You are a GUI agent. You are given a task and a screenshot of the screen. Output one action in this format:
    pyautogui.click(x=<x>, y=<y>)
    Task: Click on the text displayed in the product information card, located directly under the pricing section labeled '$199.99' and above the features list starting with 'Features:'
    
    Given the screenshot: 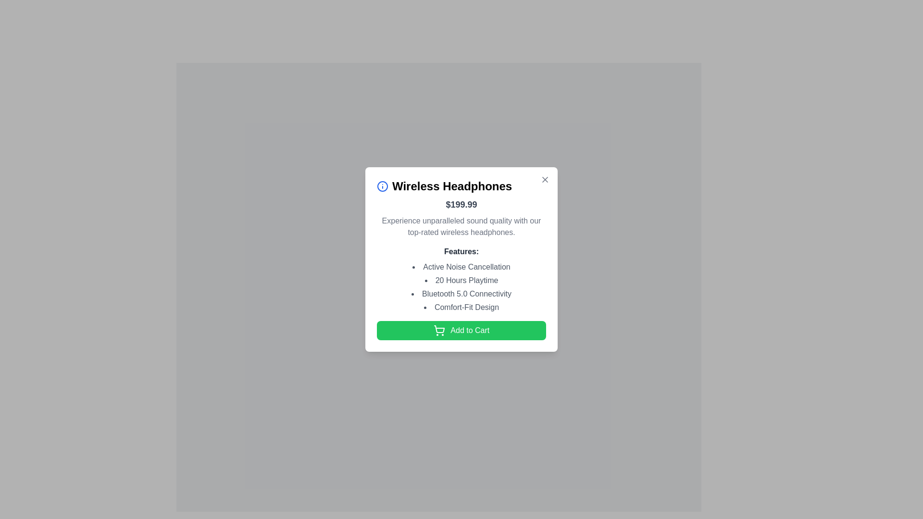 What is the action you would take?
    pyautogui.click(x=461, y=226)
    